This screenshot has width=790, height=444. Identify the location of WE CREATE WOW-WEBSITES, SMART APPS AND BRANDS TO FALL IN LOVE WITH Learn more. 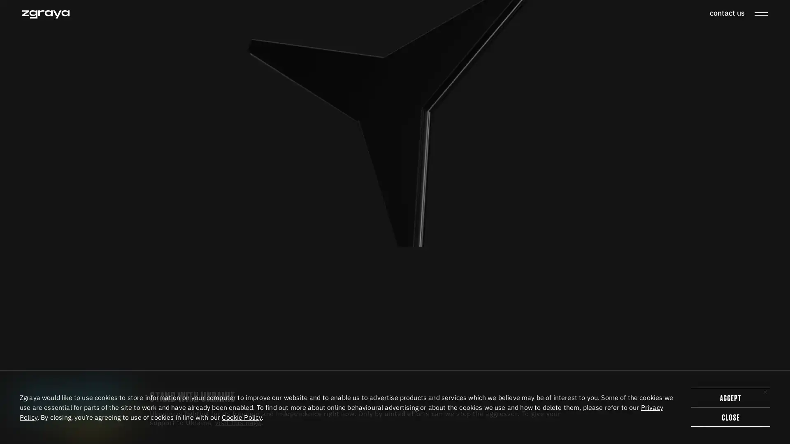
(298, 239).